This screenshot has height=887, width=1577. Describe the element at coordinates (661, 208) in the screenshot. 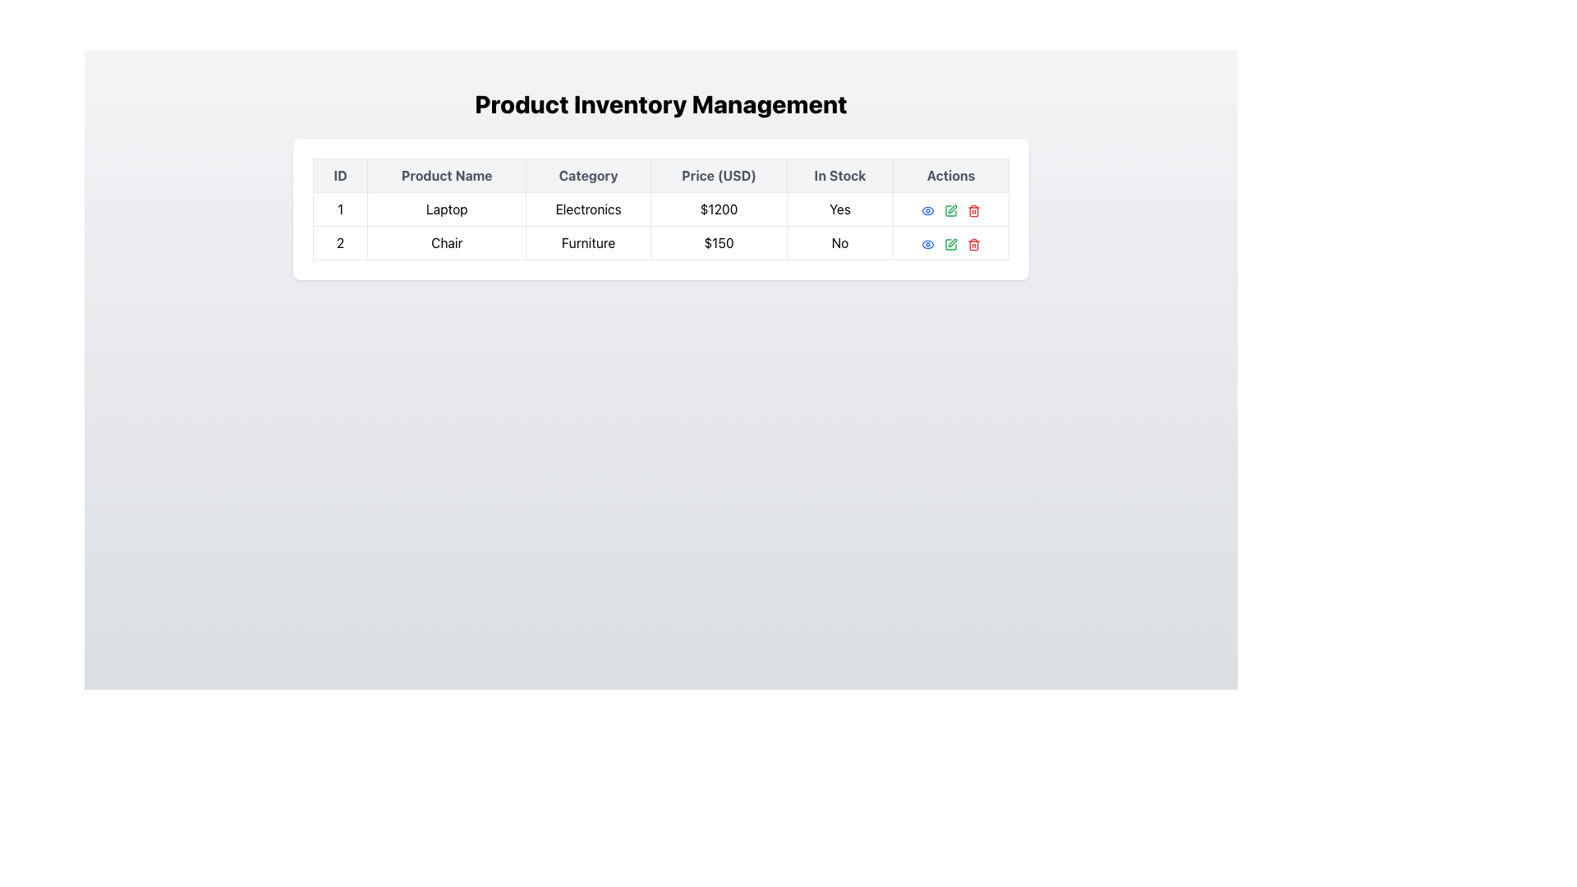

I see `the first table row containing the product details '1LaptopElectronics$1200Yes'` at that location.